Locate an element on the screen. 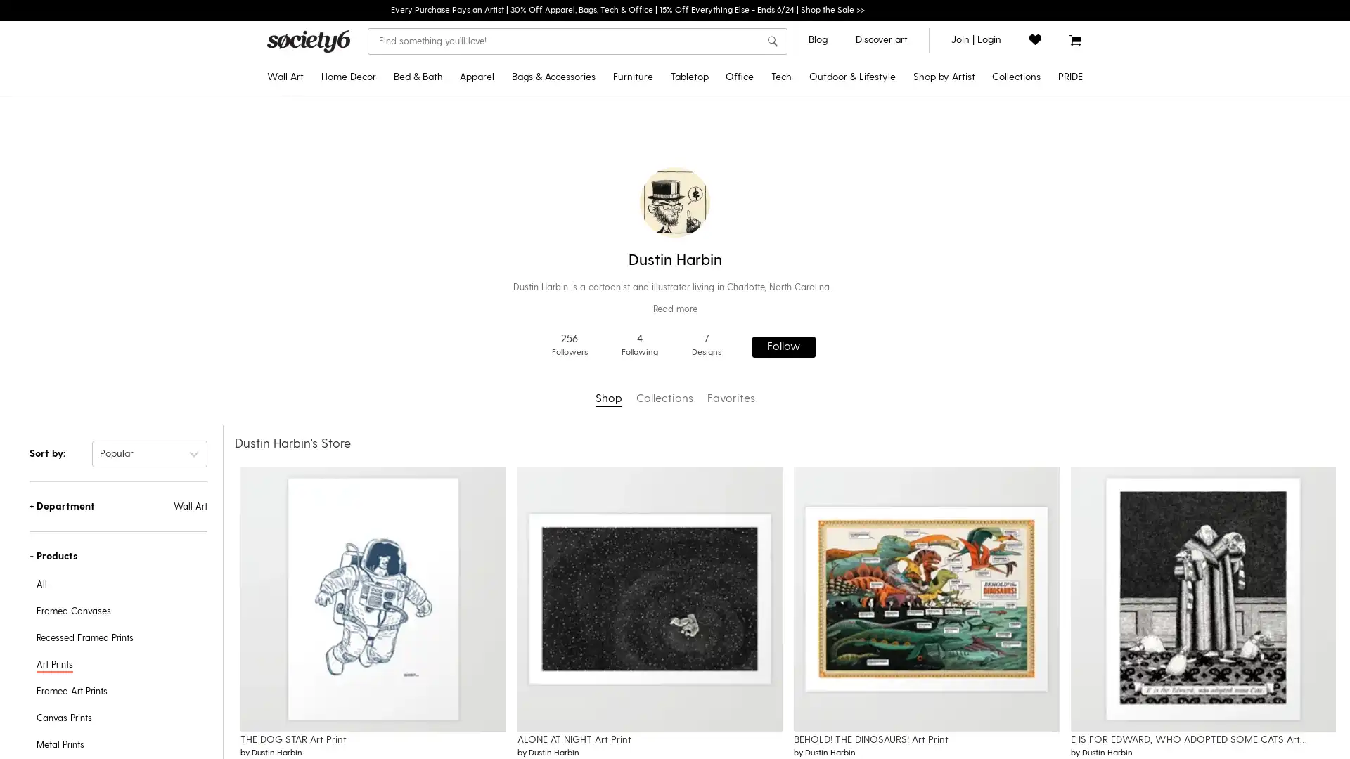  Throw Blankets is located at coordinates (375, 203).